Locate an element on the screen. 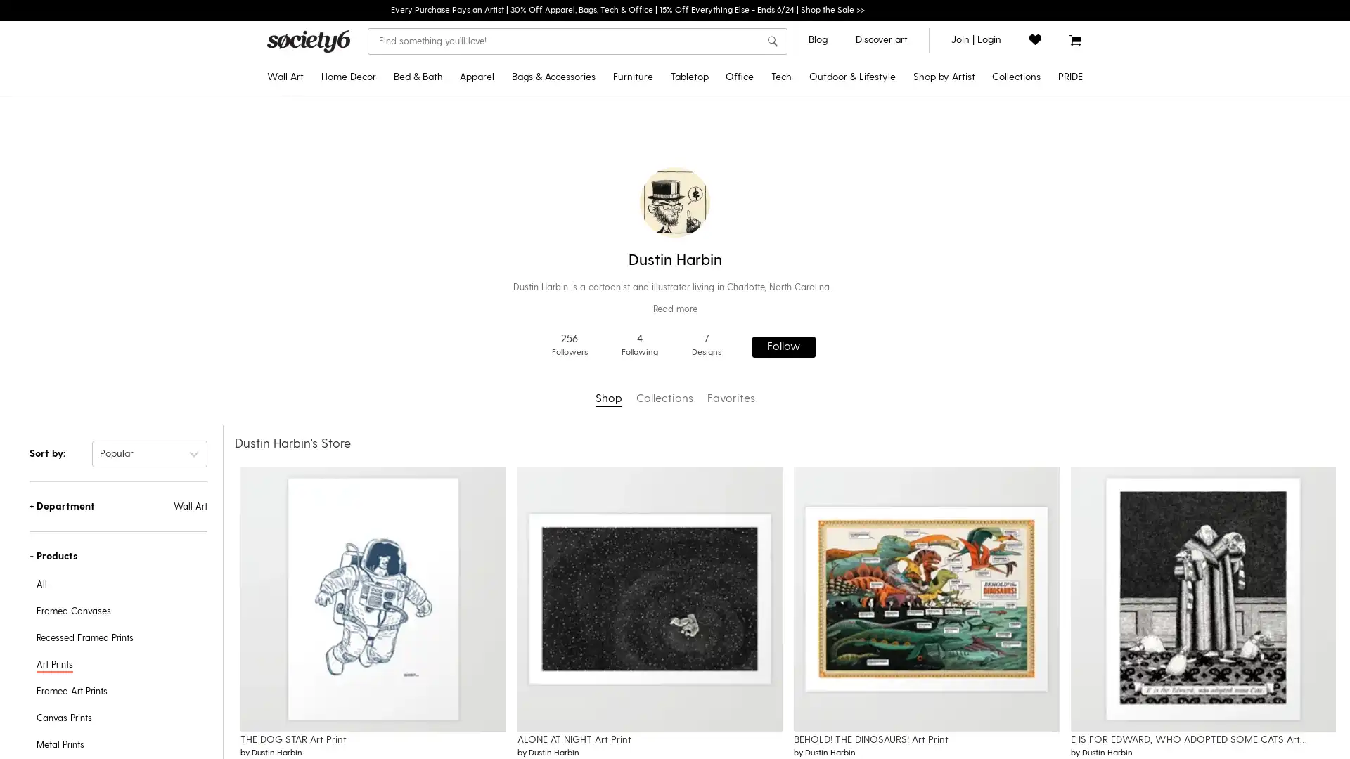  Throw Blankets is located at coordinates (375, 203).